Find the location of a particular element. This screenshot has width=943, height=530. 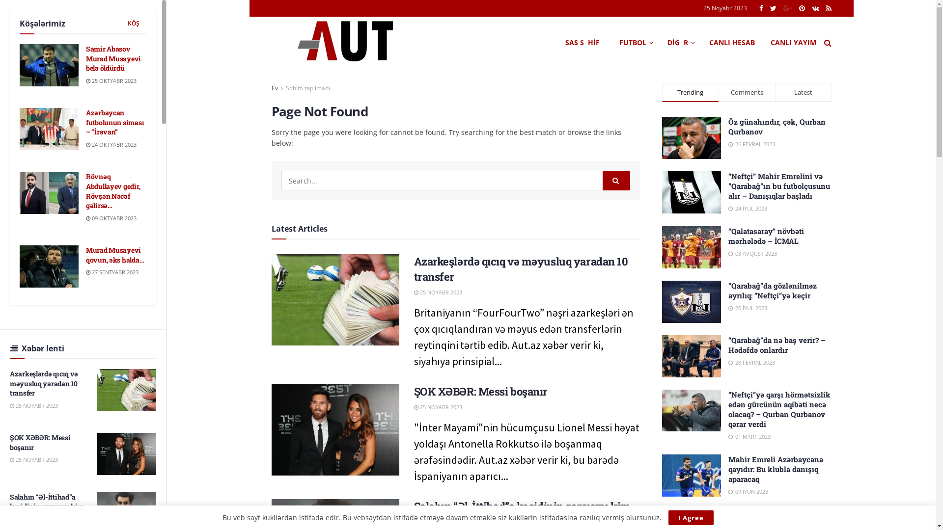

'27 SENTYABR 2023' is located at coordinates (112, 272).